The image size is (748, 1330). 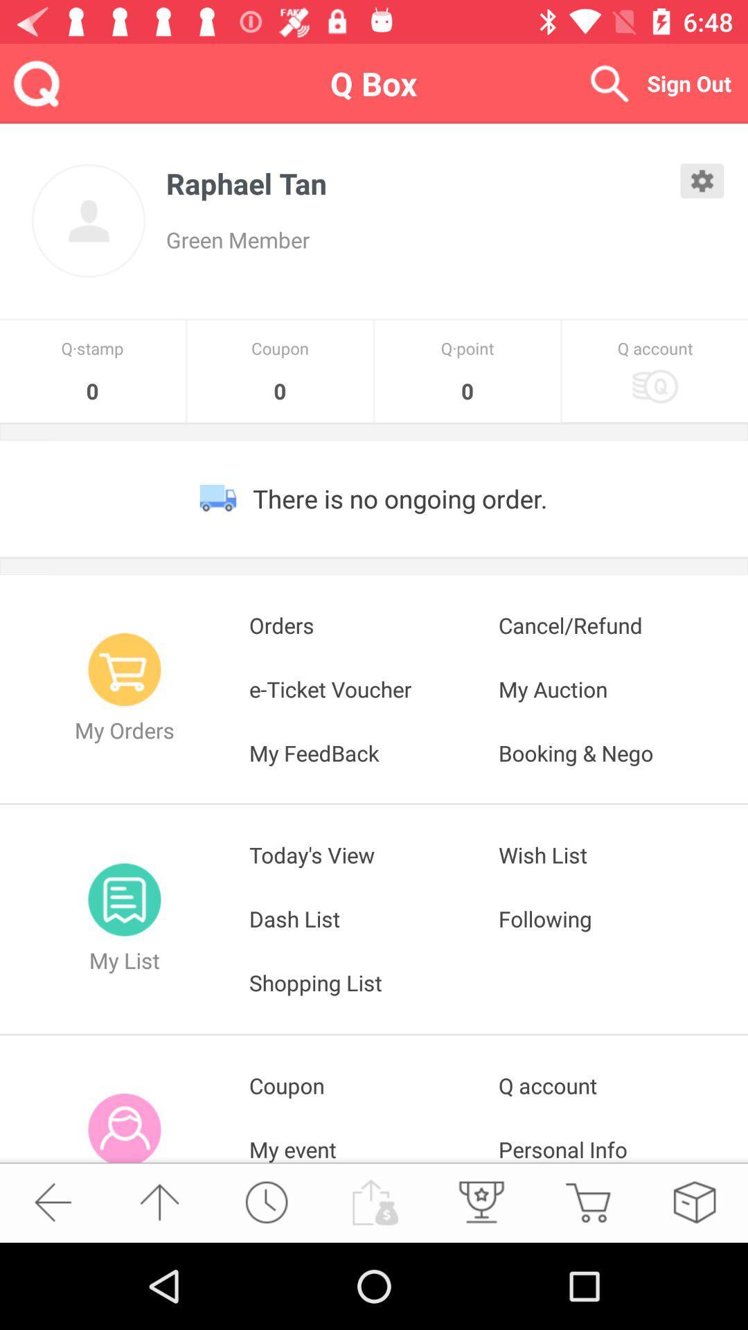 I want to click on the microphone icon, so click(x=479, y=1201).